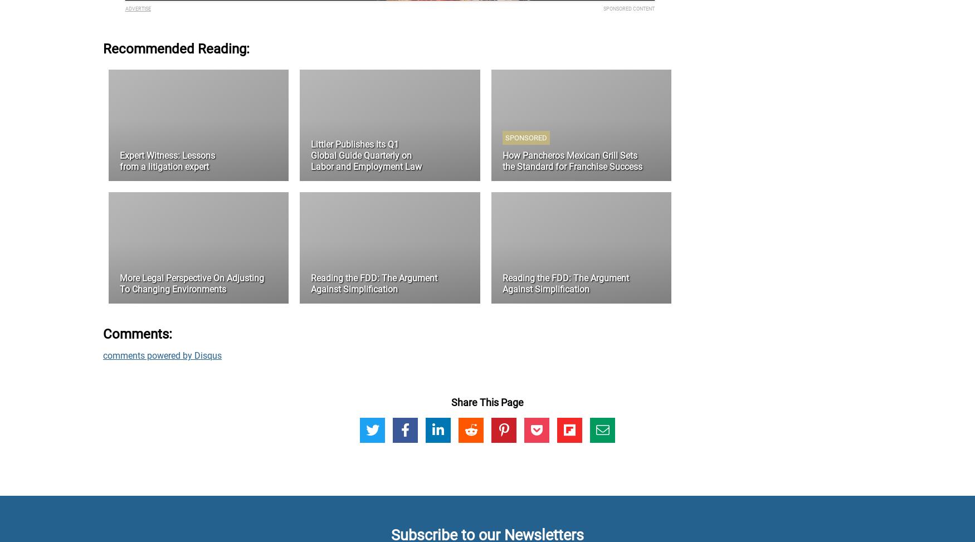 The height and width of the screenshot is (542, 975). I want to click on 'Recommended Reading:', so click(176, 48).